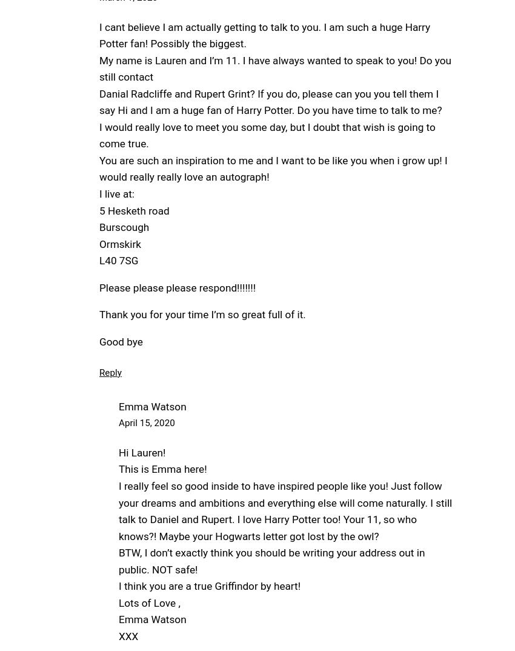  Describe the element at coordinates (142, 452) in the screenshot. I see `'Hi Lauren!'` at that location.